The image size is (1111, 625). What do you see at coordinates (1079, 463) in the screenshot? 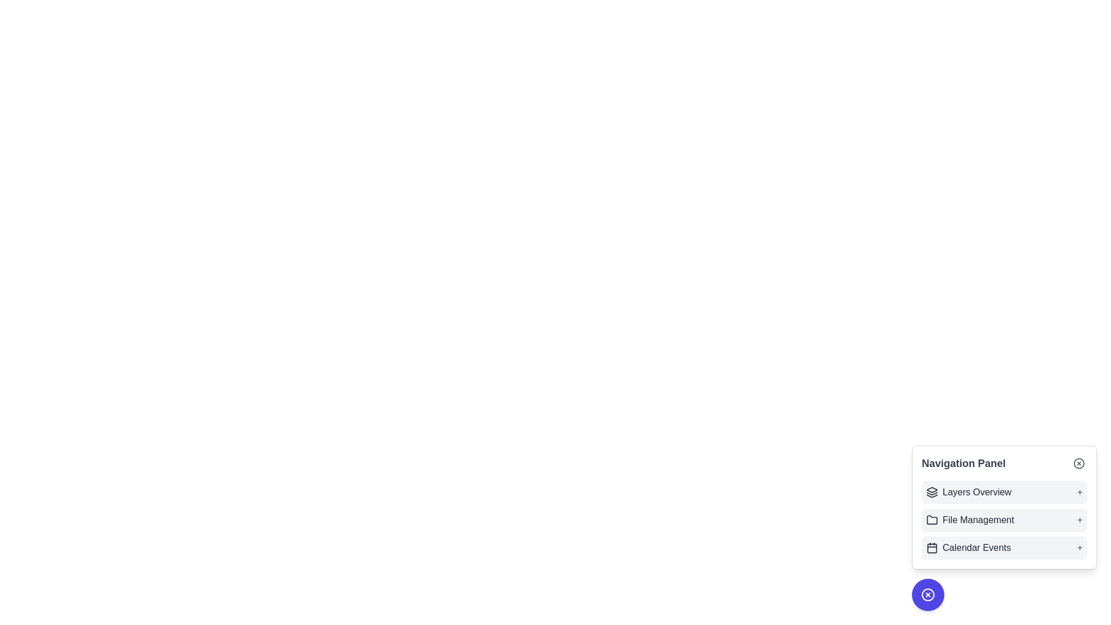
I see `the circular icon button with a cross mark ('X') inside, located at the far right of the header section of the 'Navigation Panel' card` at bounding box center [1079, 463].